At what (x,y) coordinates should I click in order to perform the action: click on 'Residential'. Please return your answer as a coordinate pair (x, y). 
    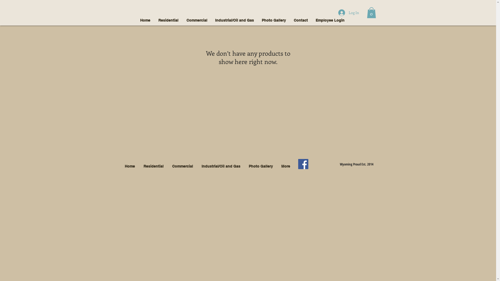
    Looking at the image, I should click on (168, 20).